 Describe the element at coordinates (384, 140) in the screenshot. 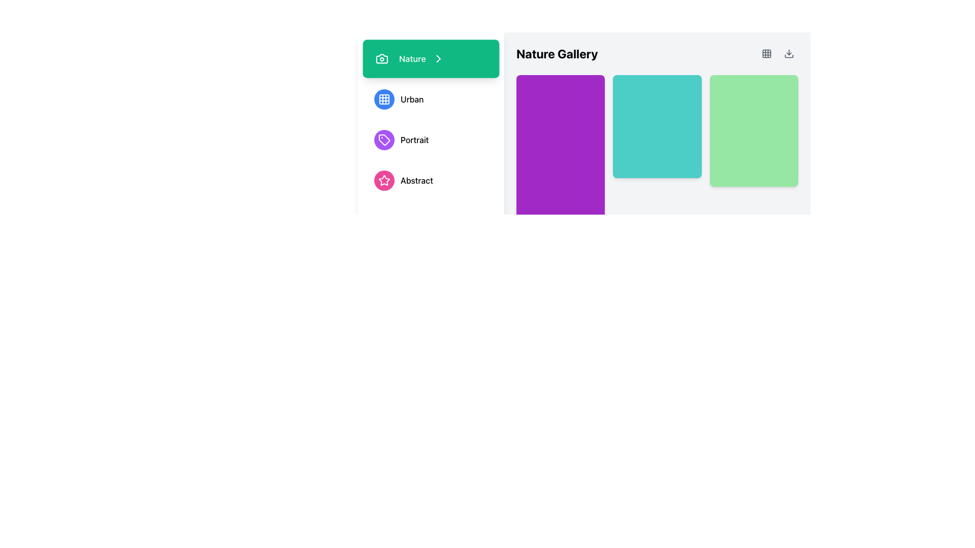

I see `the 'Portrait' icon located in the sidebar menu on the left side of the interface, which visually represents the 'Portrait' category` at that location.